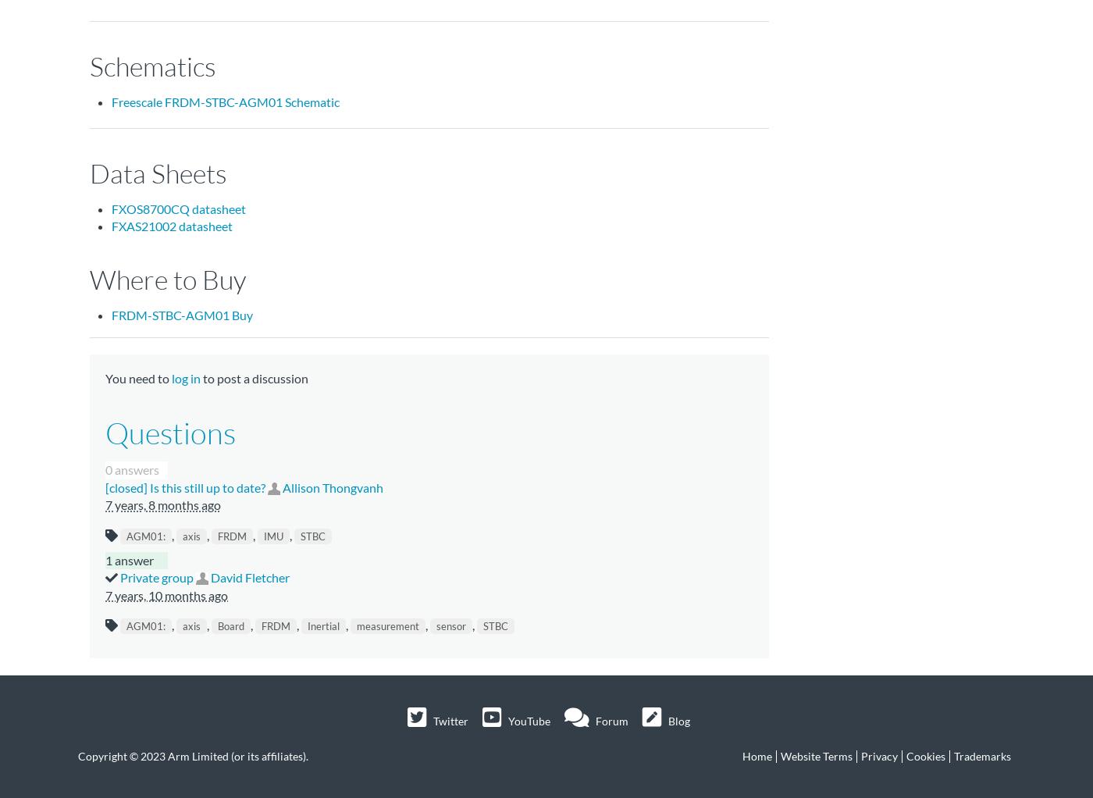 This screenshot has height=798, width=1093. I want to click on 'Home', so click(757, 754).